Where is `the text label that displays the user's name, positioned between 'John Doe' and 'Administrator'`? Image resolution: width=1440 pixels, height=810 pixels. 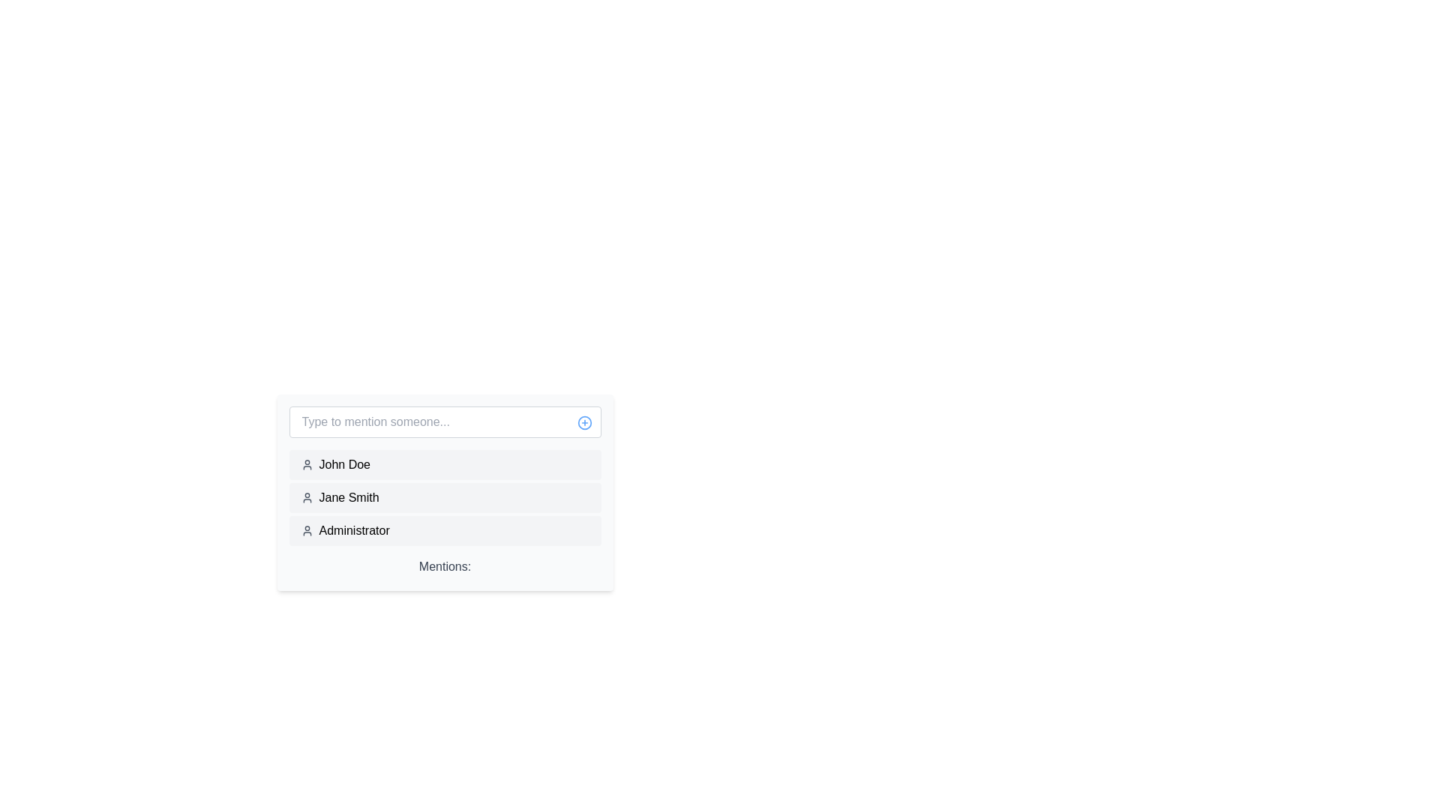
the text label that displays the user's name, positioned between 'John Doe' and 'Administrator' is located at coordinates (348, 497).